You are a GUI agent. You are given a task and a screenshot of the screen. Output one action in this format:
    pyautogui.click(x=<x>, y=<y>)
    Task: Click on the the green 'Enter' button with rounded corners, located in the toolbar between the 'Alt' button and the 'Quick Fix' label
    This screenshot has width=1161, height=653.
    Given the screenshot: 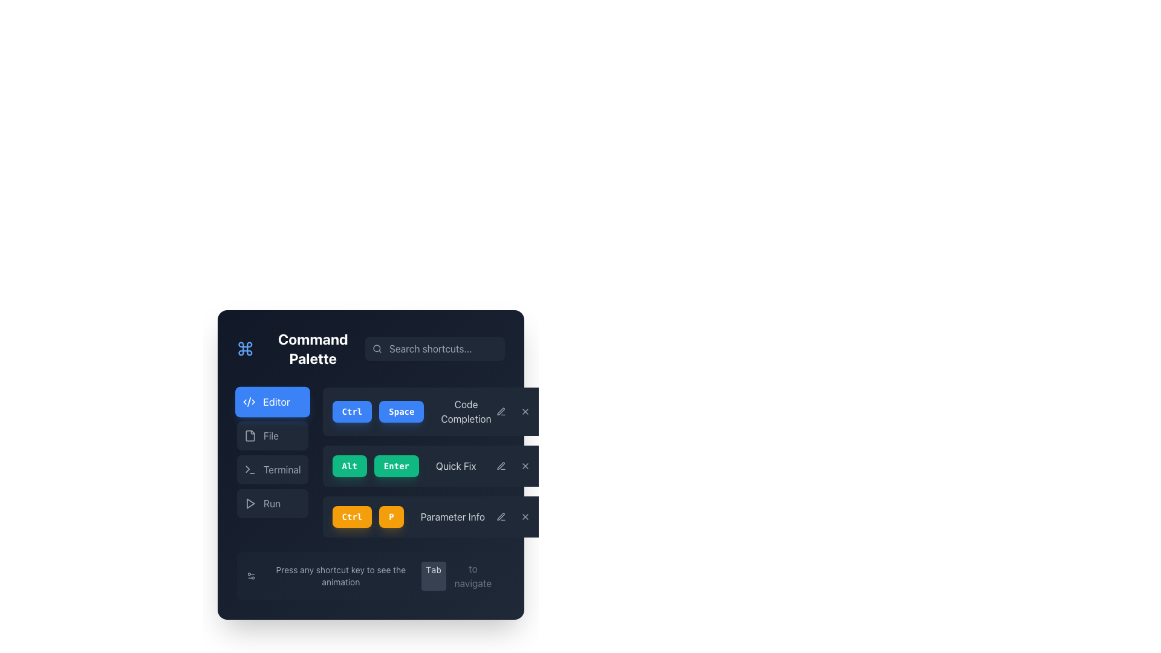 What is the action you would take?
    pyautogui.click(x=396, y=466)
    